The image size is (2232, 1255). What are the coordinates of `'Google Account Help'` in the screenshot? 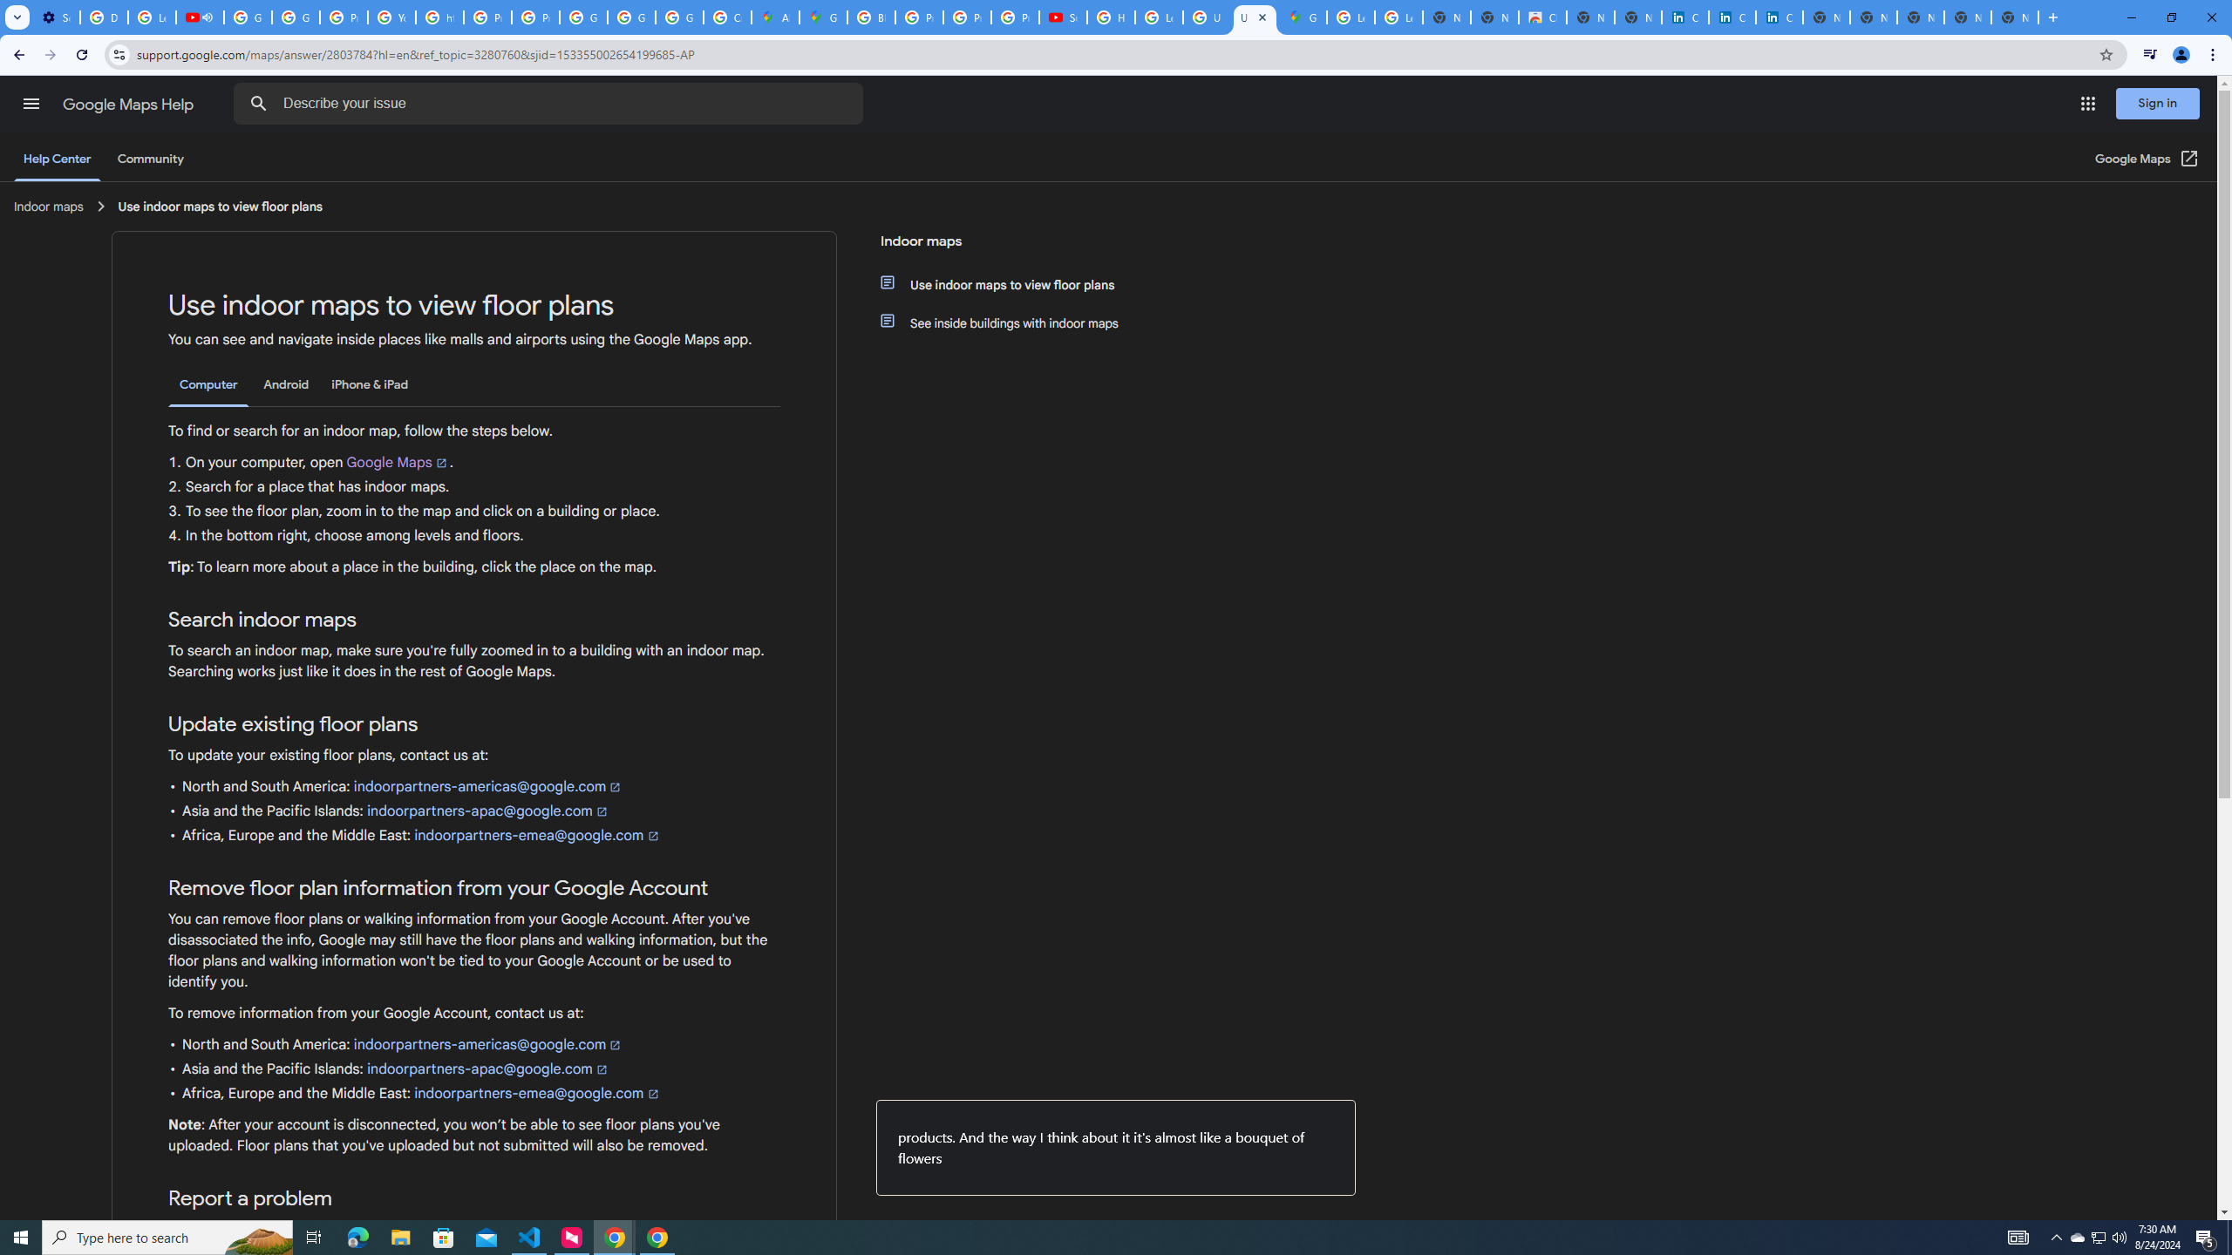 It's located at (248, 17).